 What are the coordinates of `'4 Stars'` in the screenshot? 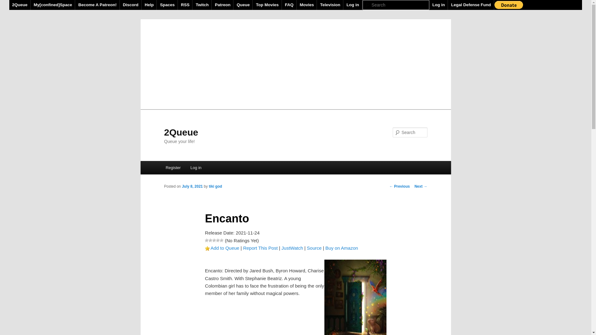 It's located at (218, 240).